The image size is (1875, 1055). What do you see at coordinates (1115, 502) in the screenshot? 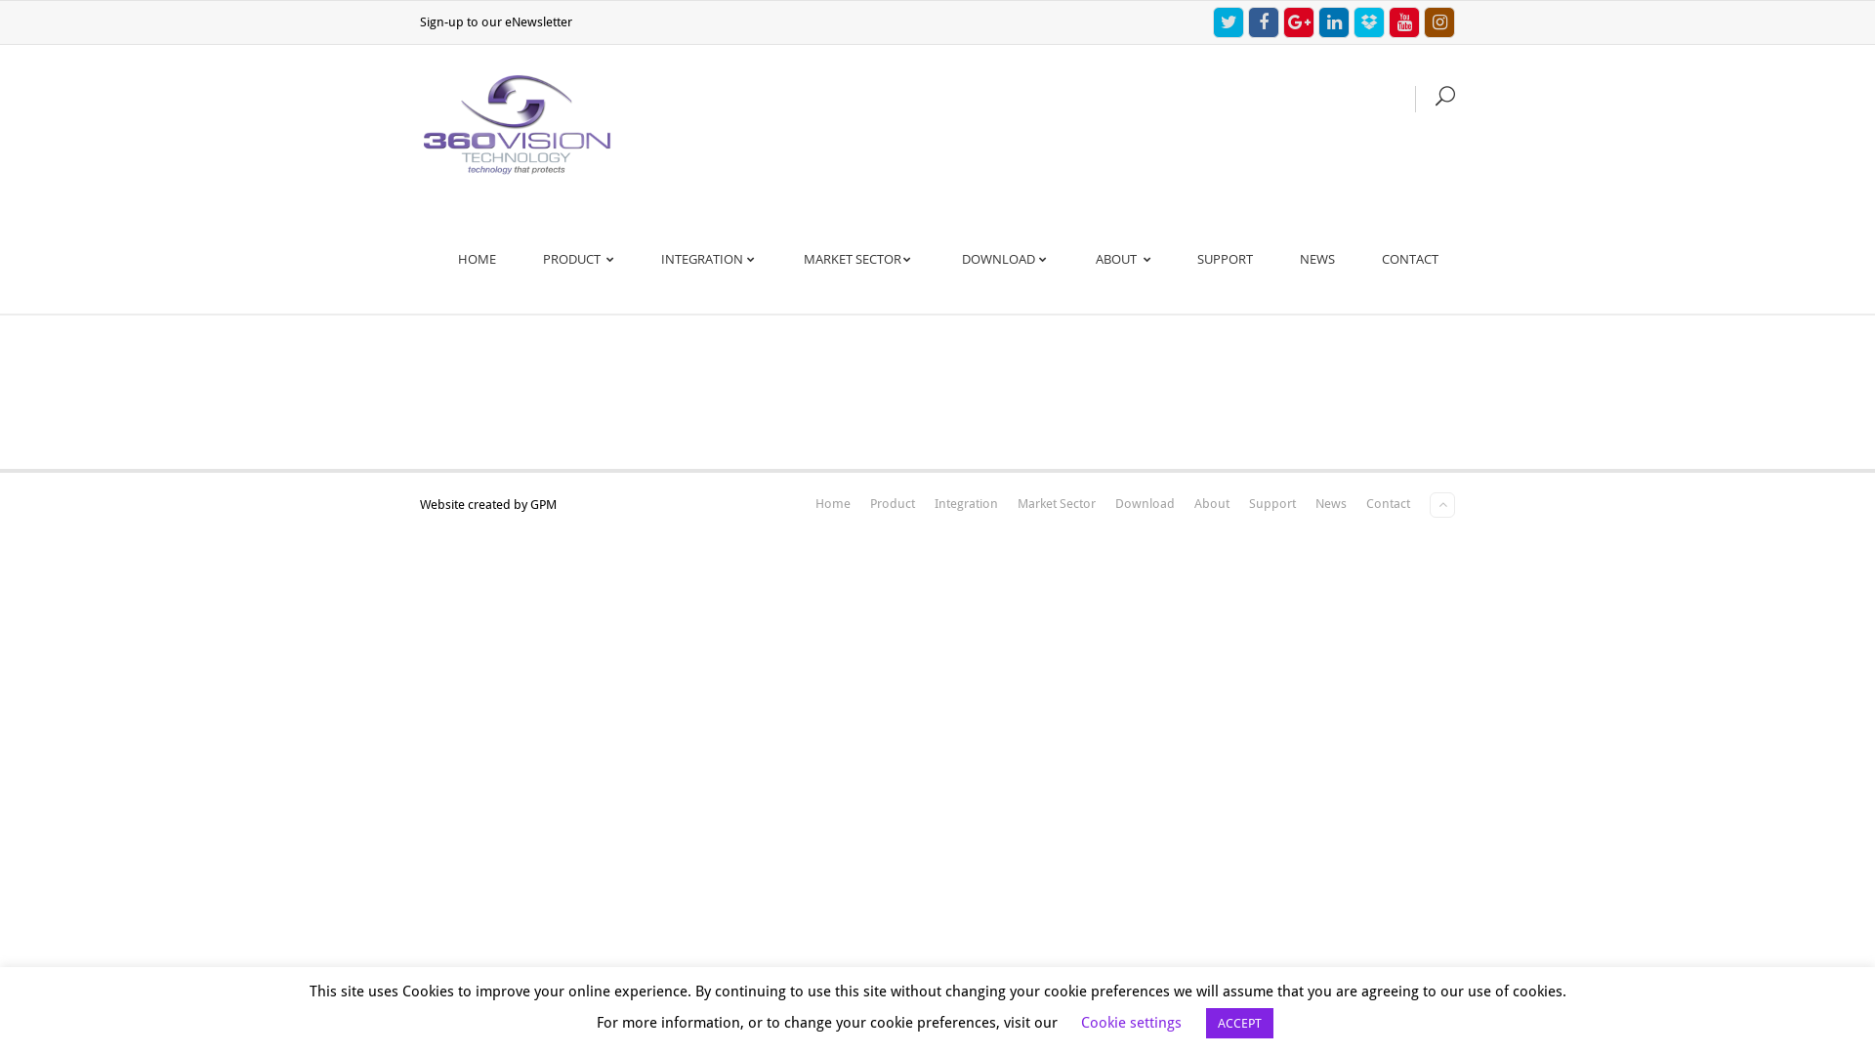
I see `'Download'` at bounding box center [1115, 502].